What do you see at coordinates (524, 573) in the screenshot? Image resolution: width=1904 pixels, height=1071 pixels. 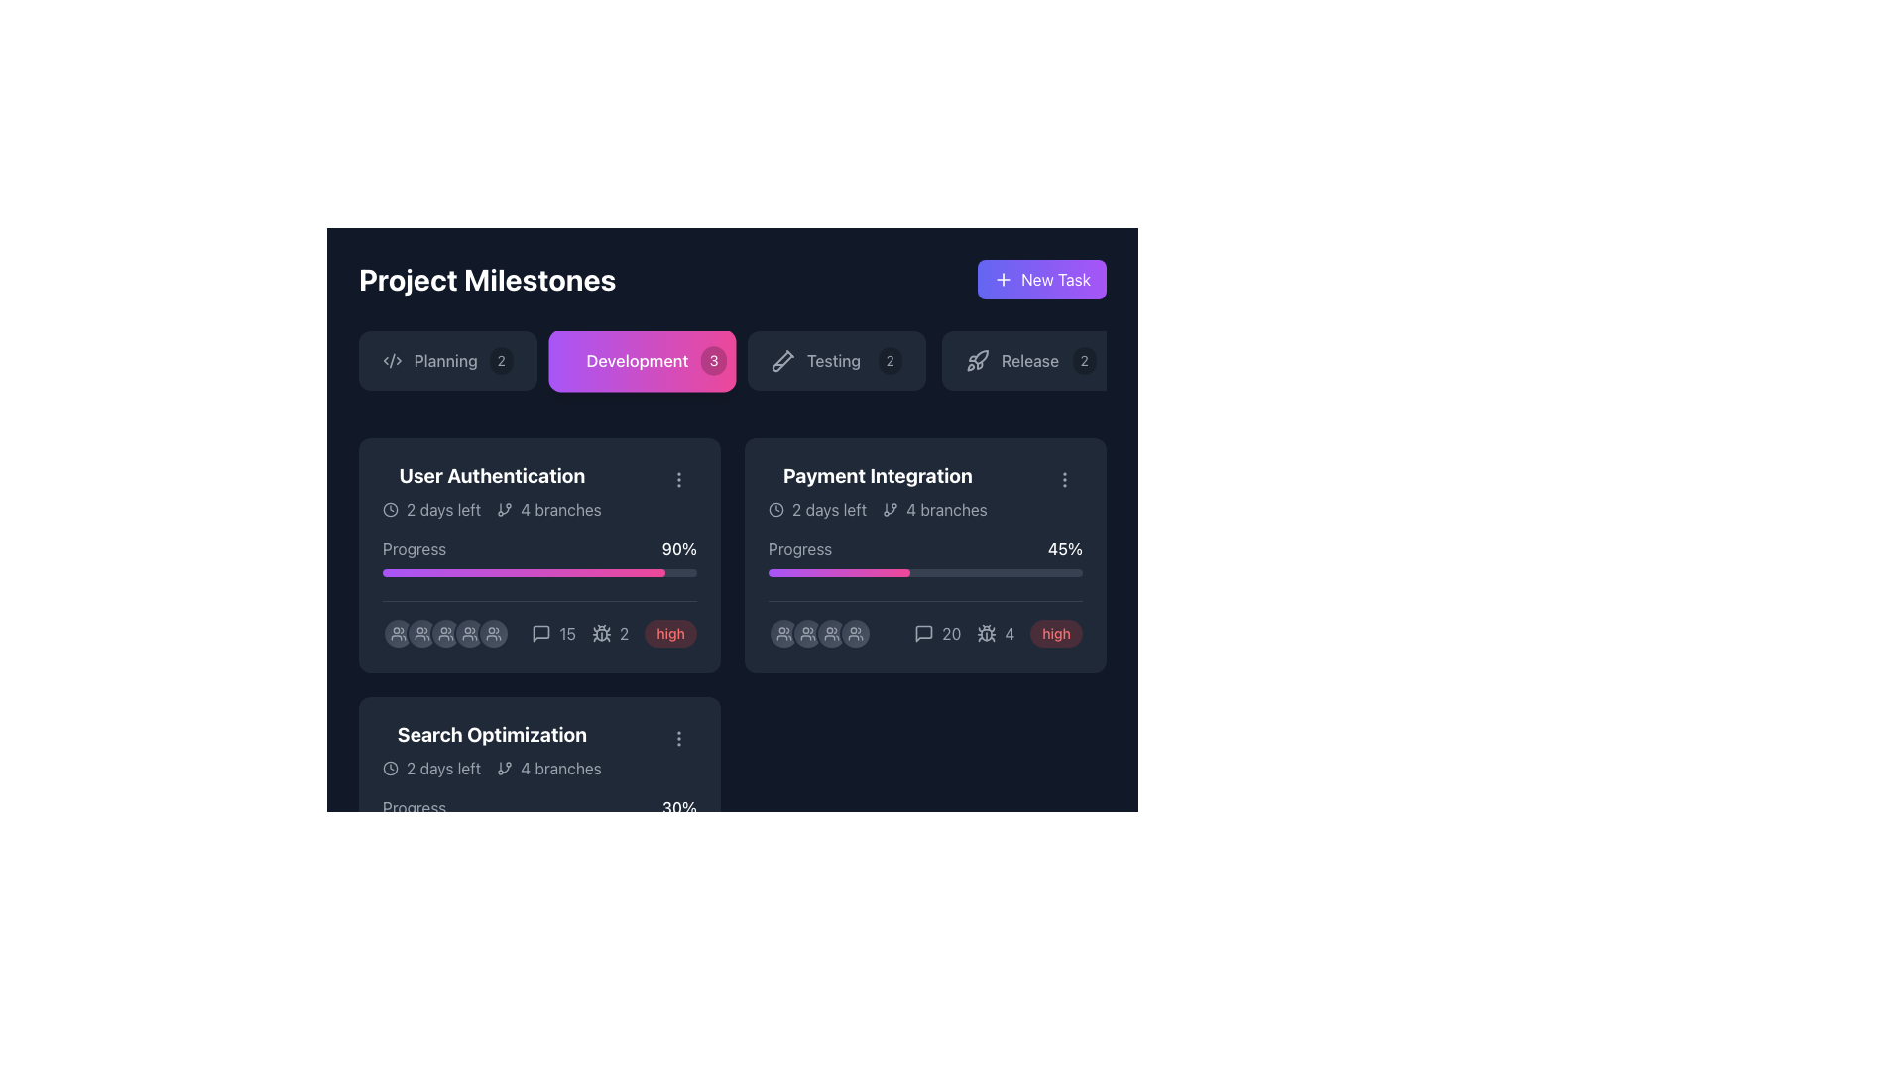 I see `the gradient-colored progress indicator bar located in the 'Progress' section of the 'Payment Integration' panel on the right-hand side of the interface` at bounding box center [524, 573].